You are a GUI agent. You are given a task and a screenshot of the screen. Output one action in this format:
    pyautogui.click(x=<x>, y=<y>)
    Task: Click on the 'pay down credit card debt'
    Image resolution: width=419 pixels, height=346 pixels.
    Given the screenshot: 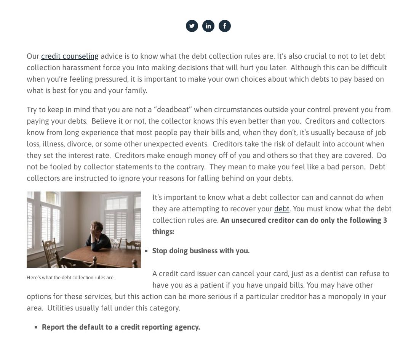 What is the action you would take?
    pyautogui.click(x=56, y=285)
    